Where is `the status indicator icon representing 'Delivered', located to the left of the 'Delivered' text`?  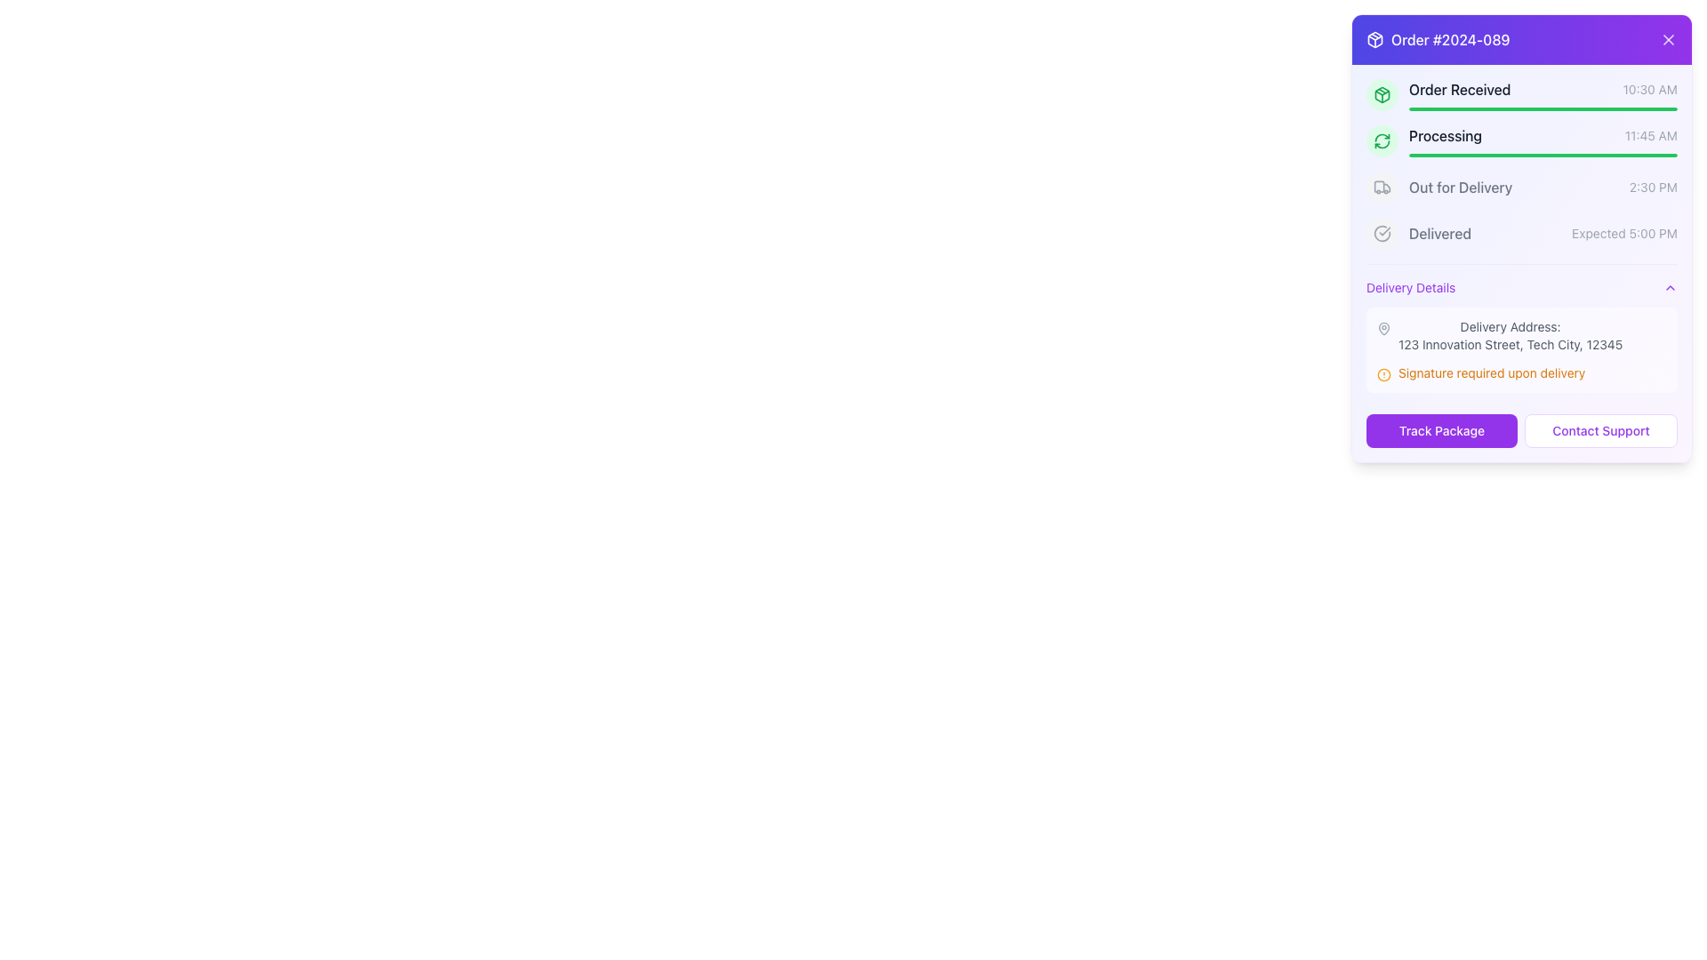
the status indicator icon representing 'Delivered', located to the left of the 'Delivered' text is located at coordinates (1382, 232).